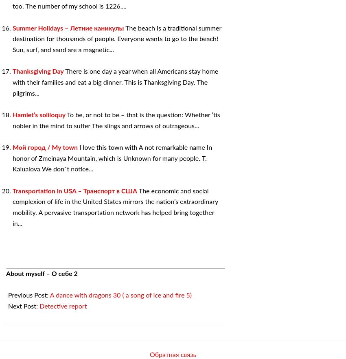 This screenshot has height=359, width=346. Describe the element at coordinates (116, 38) in the screenshot. I see `'The beach is a traditional summer destination for thousands of people. Everyone wants to go to the beach! Sun, surf, and sand are a magnetic...'` at that location.